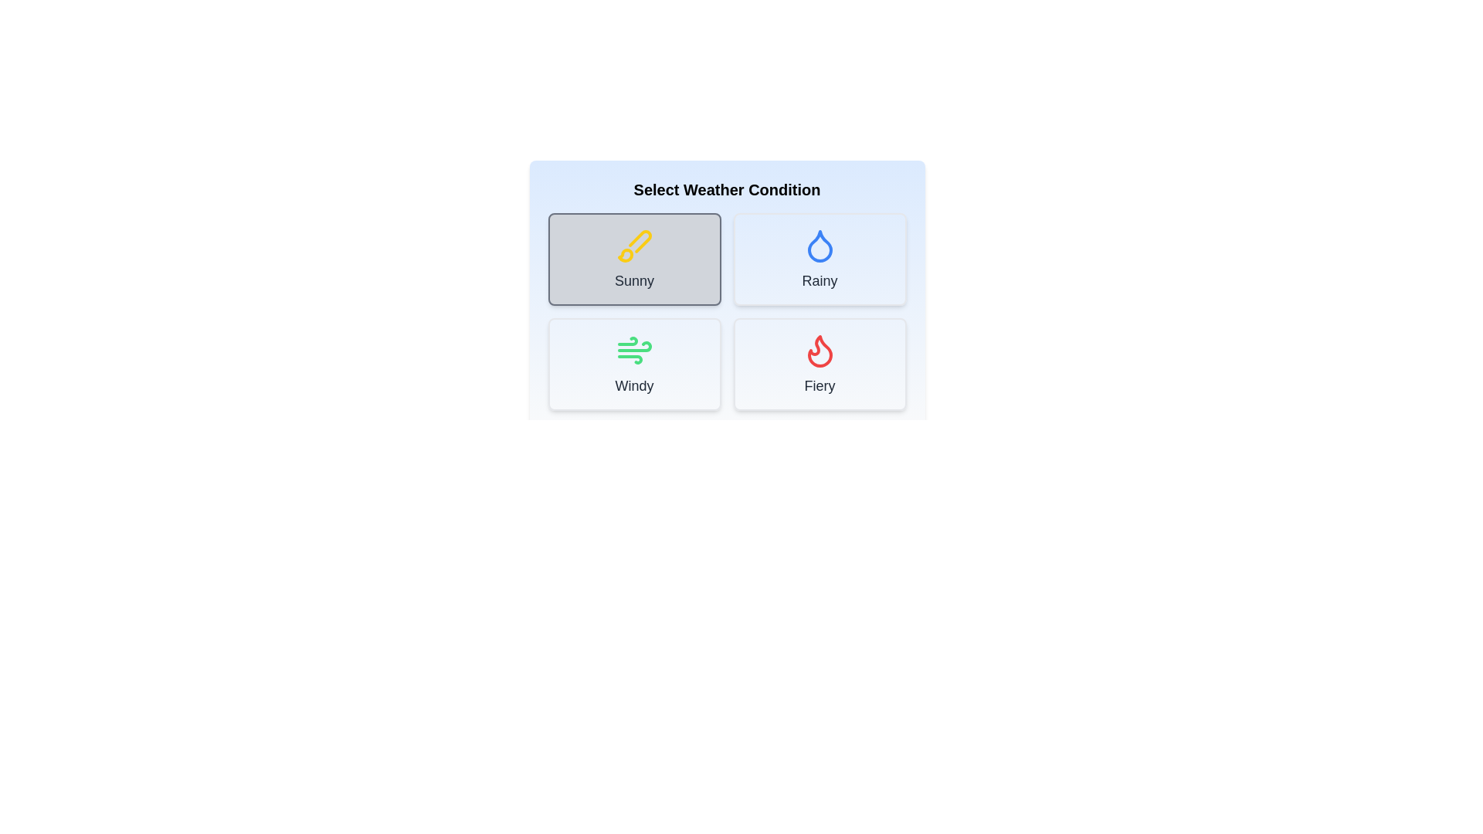  What do you see at coordinates (634, 258) in the screenshot?
I see `the Sunny button to select the corresponding weather condition` at bounding box center [634, 258].